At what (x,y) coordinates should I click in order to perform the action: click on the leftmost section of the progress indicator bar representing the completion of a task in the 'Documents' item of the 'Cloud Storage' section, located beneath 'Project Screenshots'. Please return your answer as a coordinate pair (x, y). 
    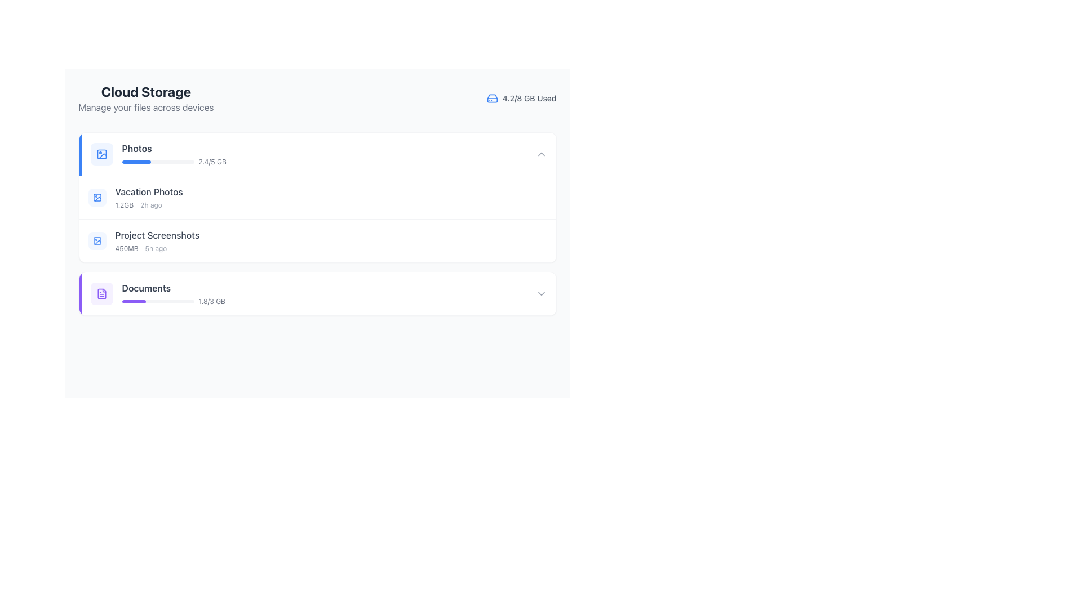
    Looking at the image, I should click on (134, 301).